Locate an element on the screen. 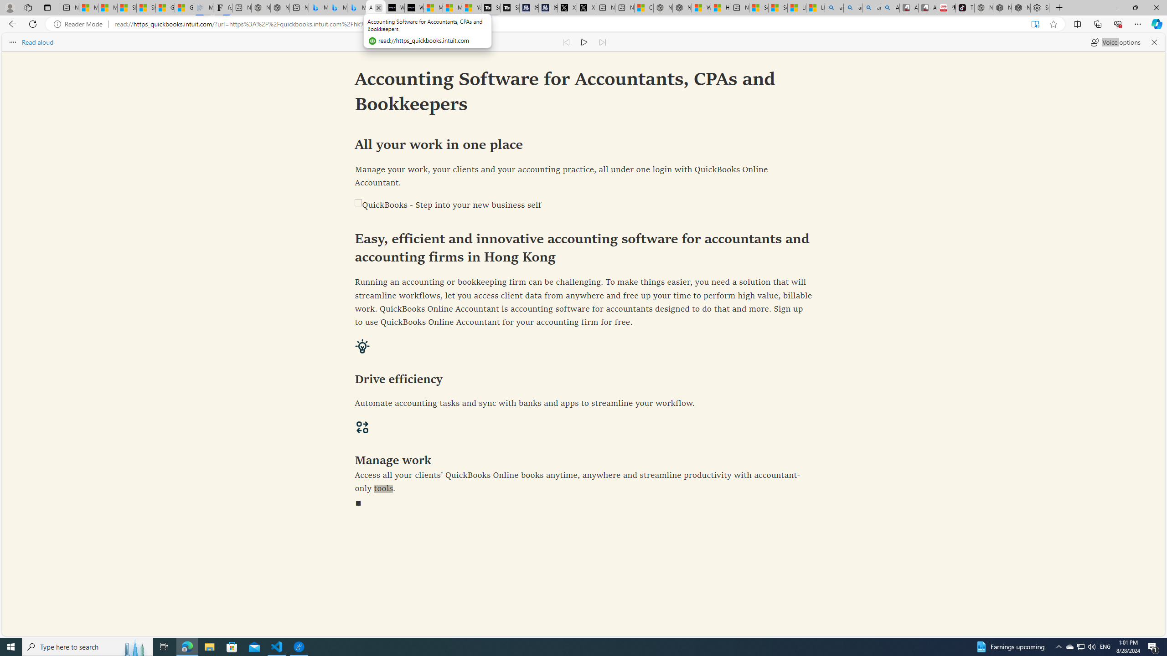 The image size is (1167, 656). 'Read previous paragraph' is located at coordinates (565, 41).